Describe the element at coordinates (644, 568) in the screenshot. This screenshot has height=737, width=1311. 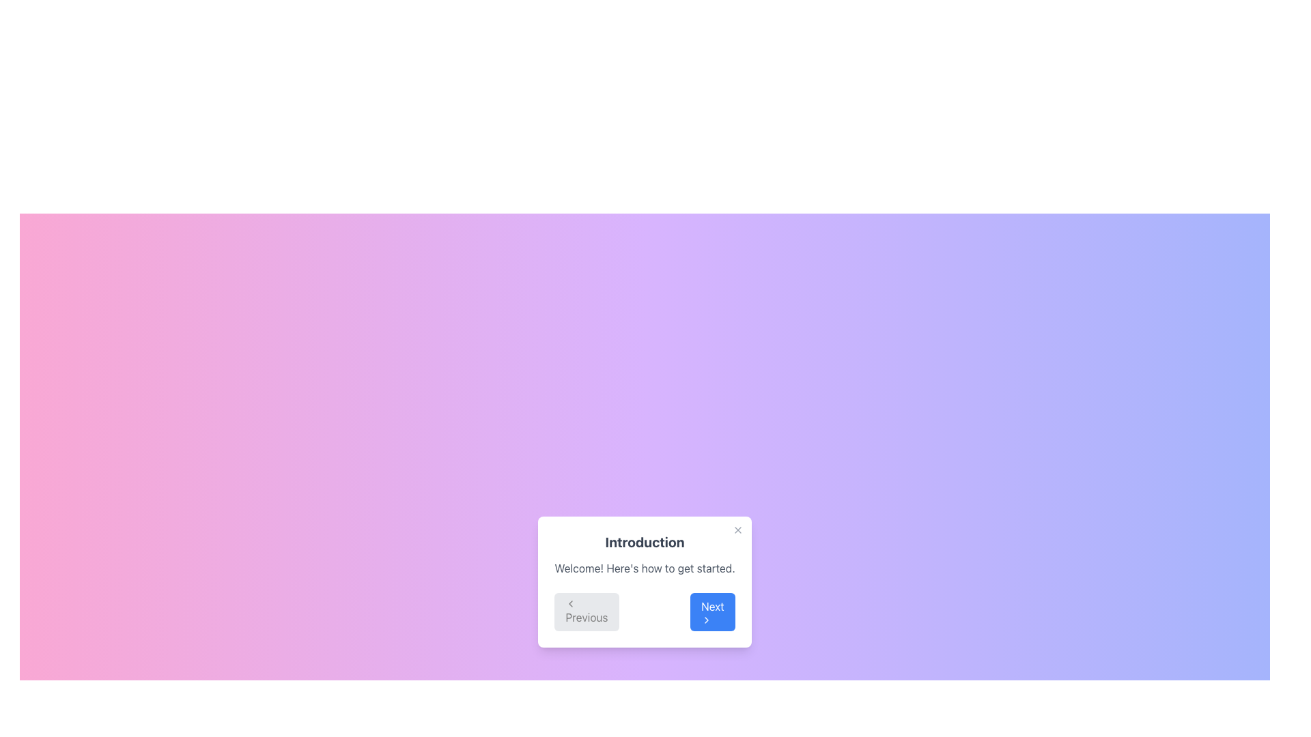
I see `the welcoming message text displayed below the title 'Introduction' in the card` at that location.